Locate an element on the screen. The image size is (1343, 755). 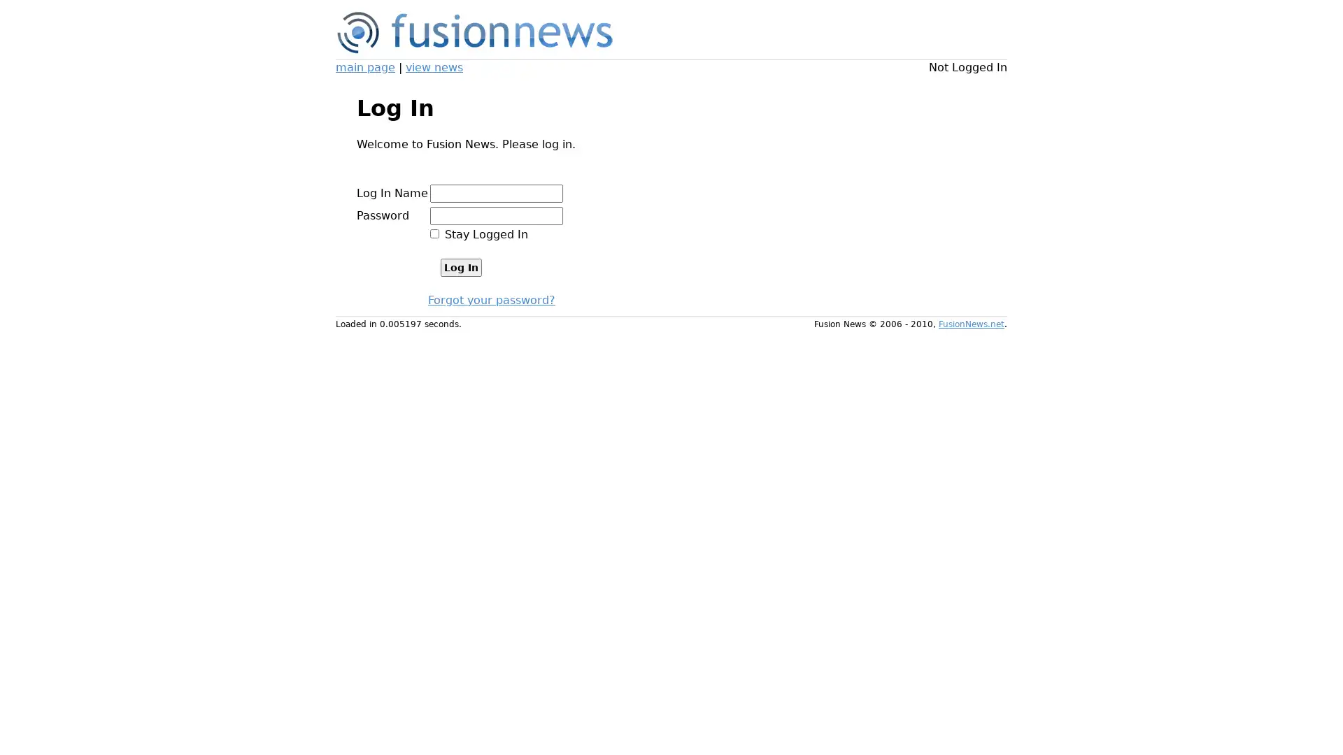
Log In is located at coordinates (460, 267).